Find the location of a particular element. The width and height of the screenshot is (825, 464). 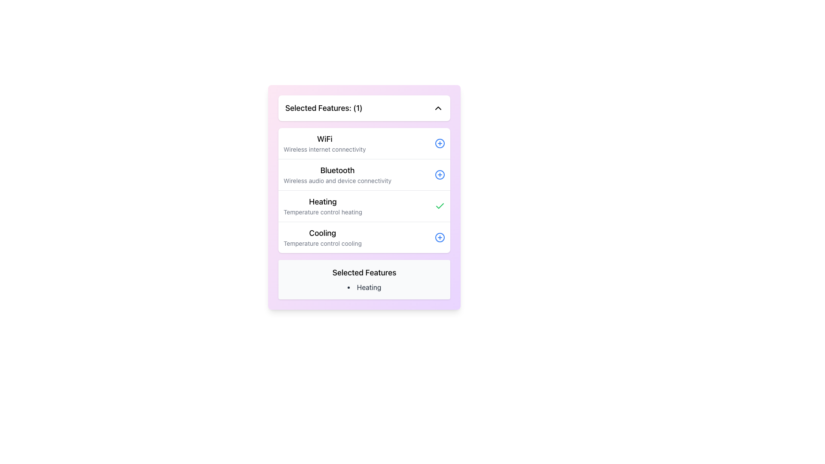

the circular '+' icon with a blue outline located to the right of the 'Bluetooth' feature in the list is located at coordinates (440, 174).